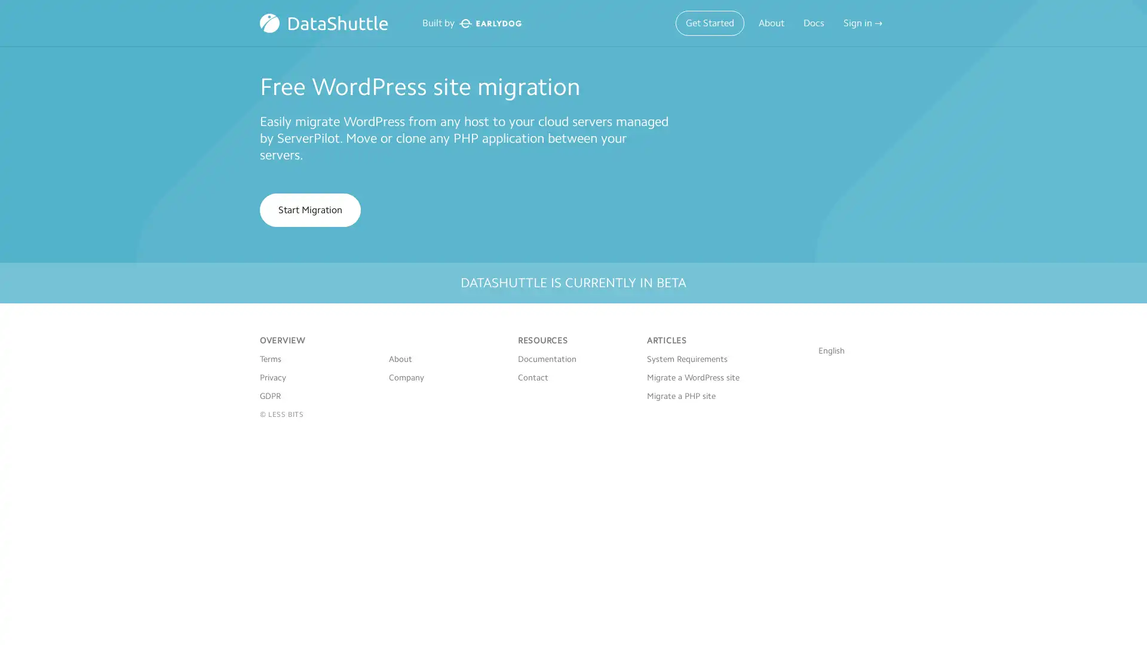 This screenshot has width=1147, height=645. Describe the element at coordinates (771, 23) in the screenshot. I see `About` at that location.